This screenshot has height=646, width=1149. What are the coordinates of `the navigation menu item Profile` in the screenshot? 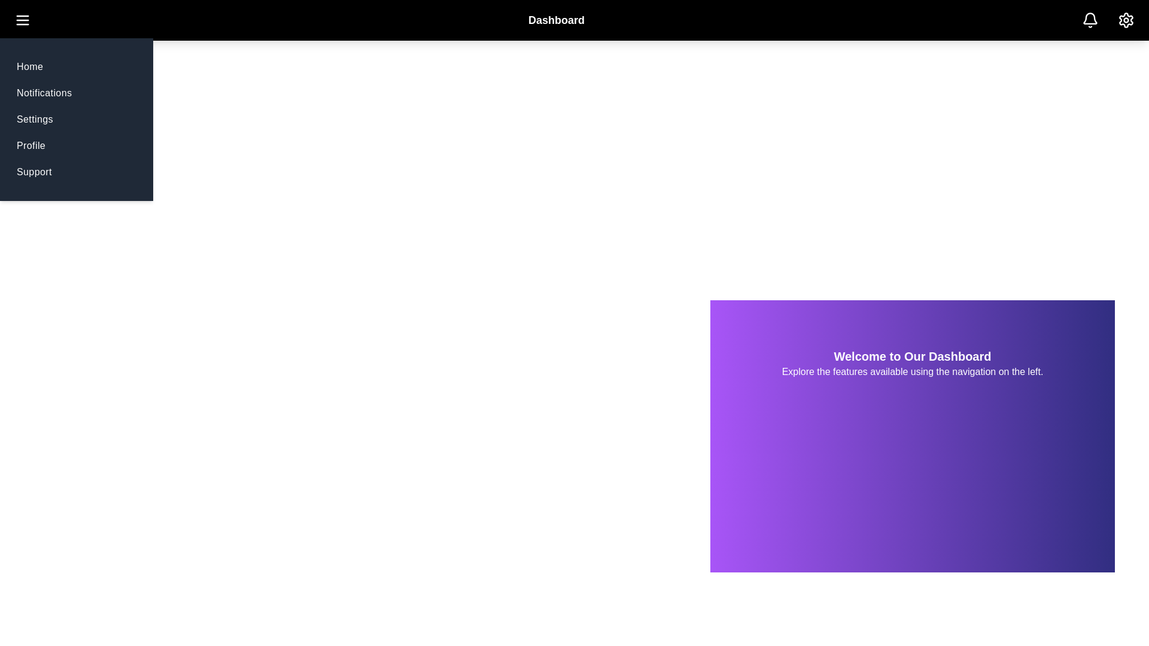 It's located at (31, 145).